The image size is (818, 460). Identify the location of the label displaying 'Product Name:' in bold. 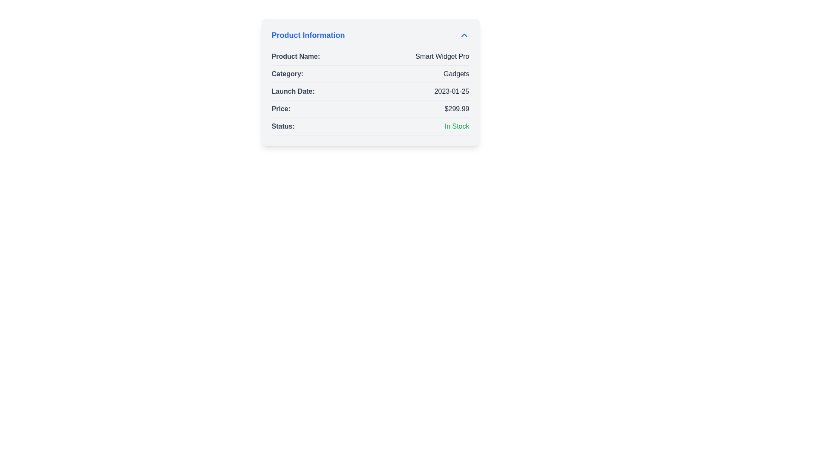
(296, 56).